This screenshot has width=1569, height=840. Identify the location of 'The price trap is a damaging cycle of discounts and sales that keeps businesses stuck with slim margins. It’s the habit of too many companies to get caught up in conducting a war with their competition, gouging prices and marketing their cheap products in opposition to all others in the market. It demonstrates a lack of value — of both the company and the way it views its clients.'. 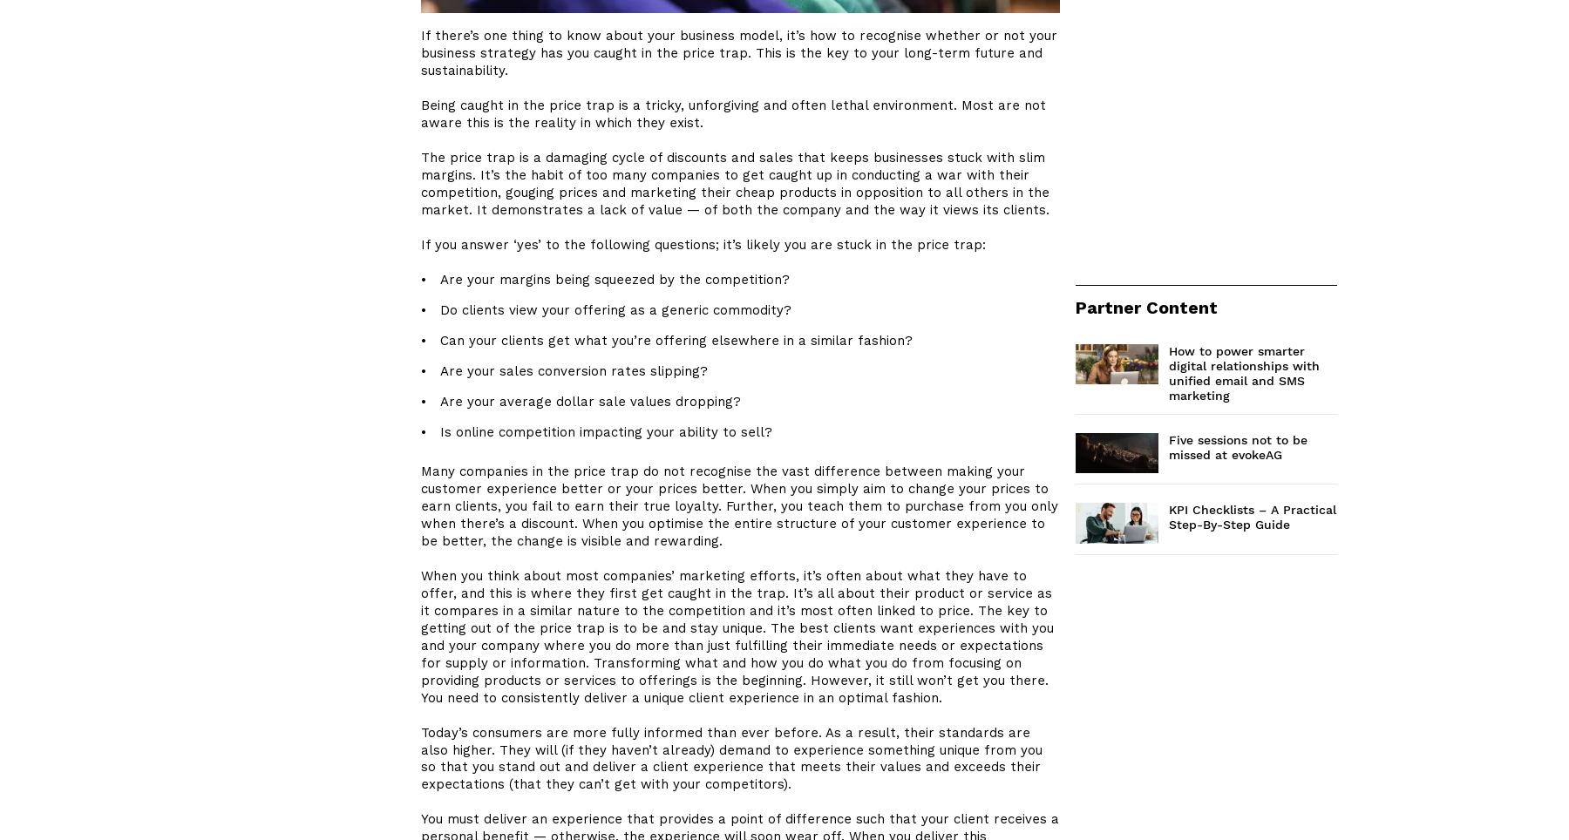
(735, 184).